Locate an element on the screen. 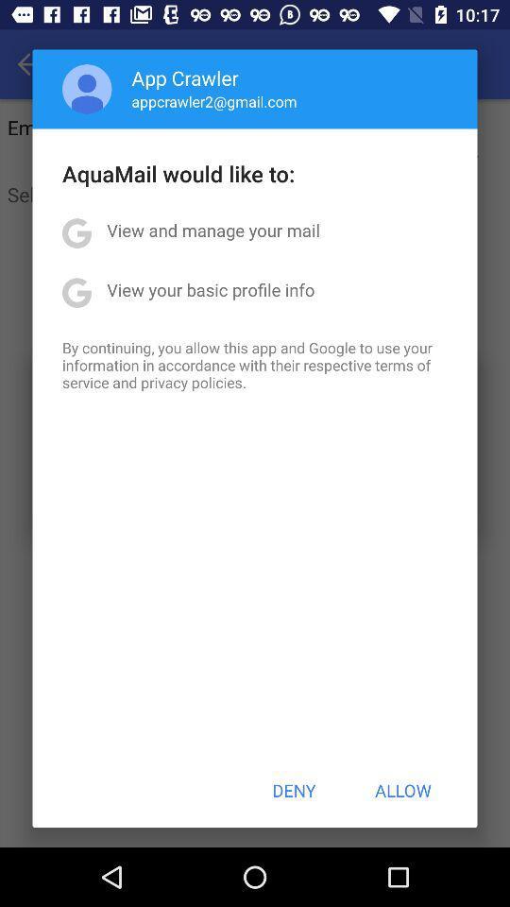 The width and height of the screenshot is (510, 907). icon to the left of the app crawler is located at coordinates (86, 89).